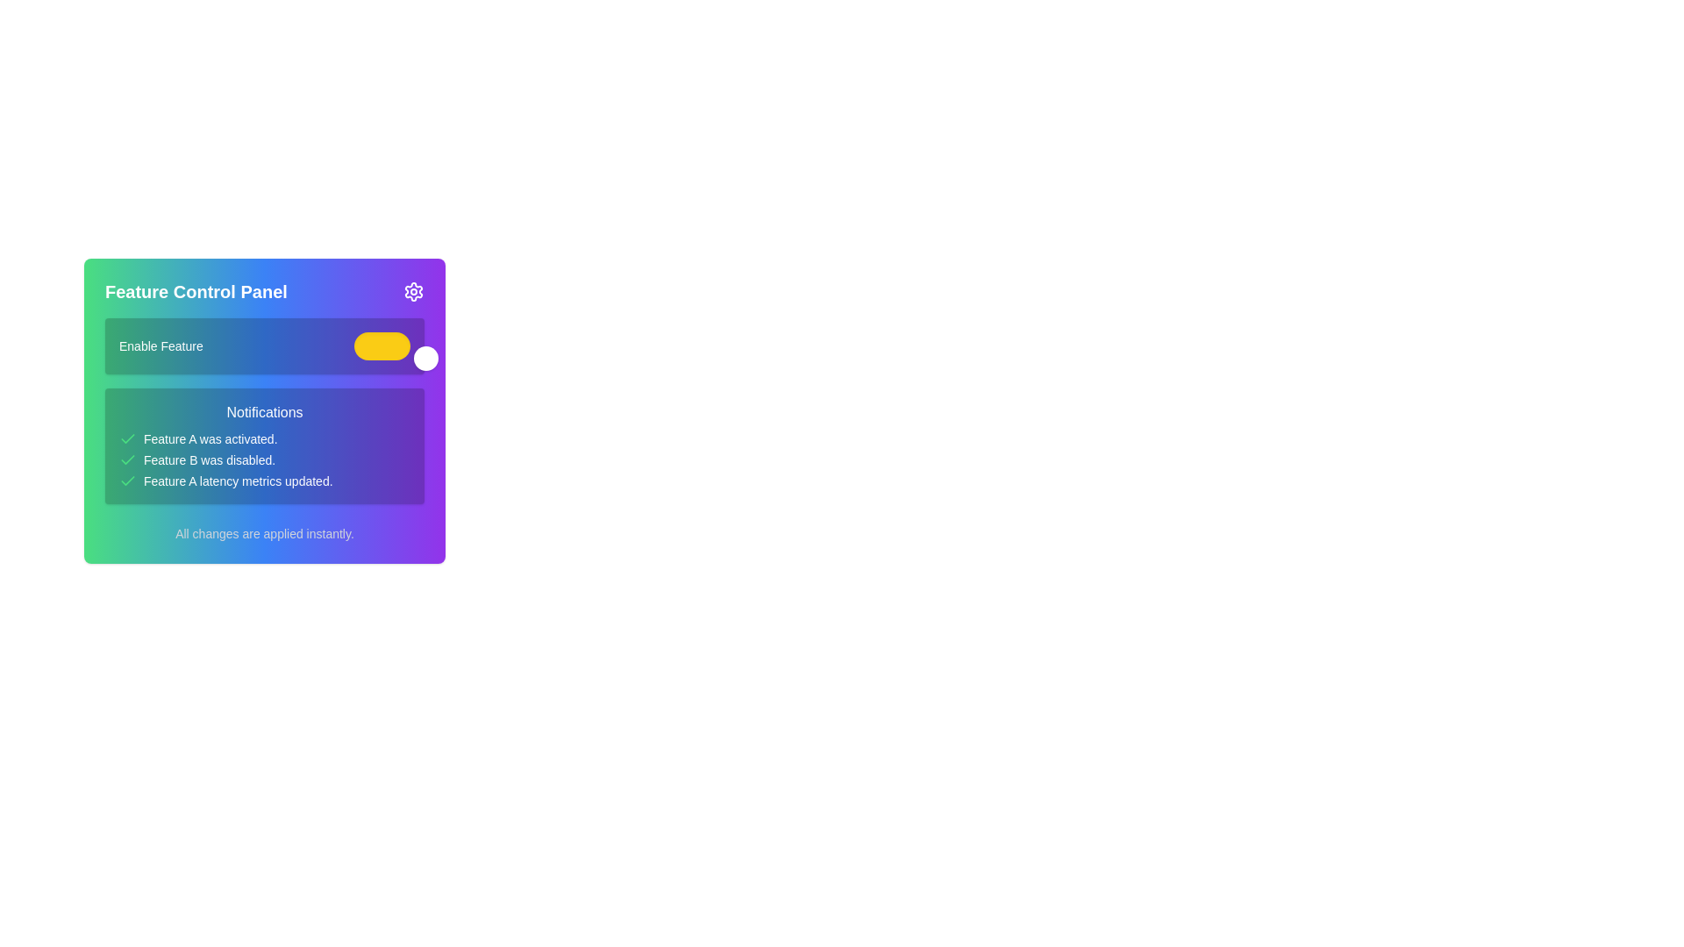  Describe the element at coordinates (264, 345) in the screenshot. I see `the 'Enable Feature' toggle switch located in the Feature Control Panel section, positioned above 'Notifications'` at that location.